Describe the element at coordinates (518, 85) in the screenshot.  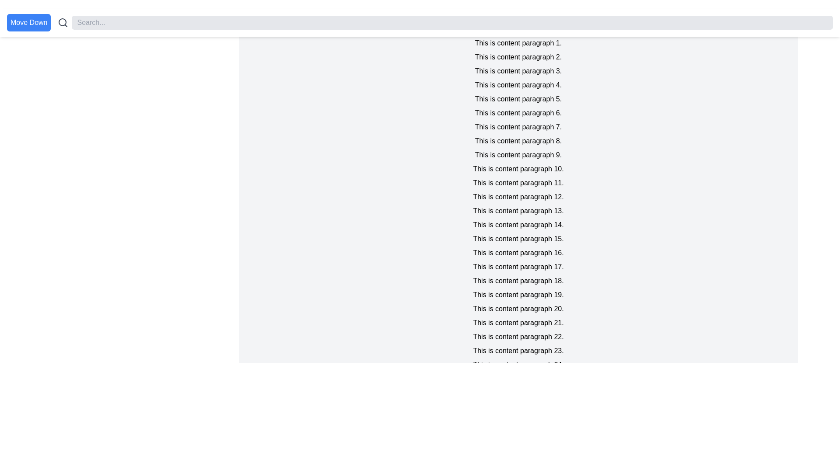
I see `the text block that reads 'This is content paragraph 4.' which is the fourth paragraph in a vertical list of text blocks` at that location.